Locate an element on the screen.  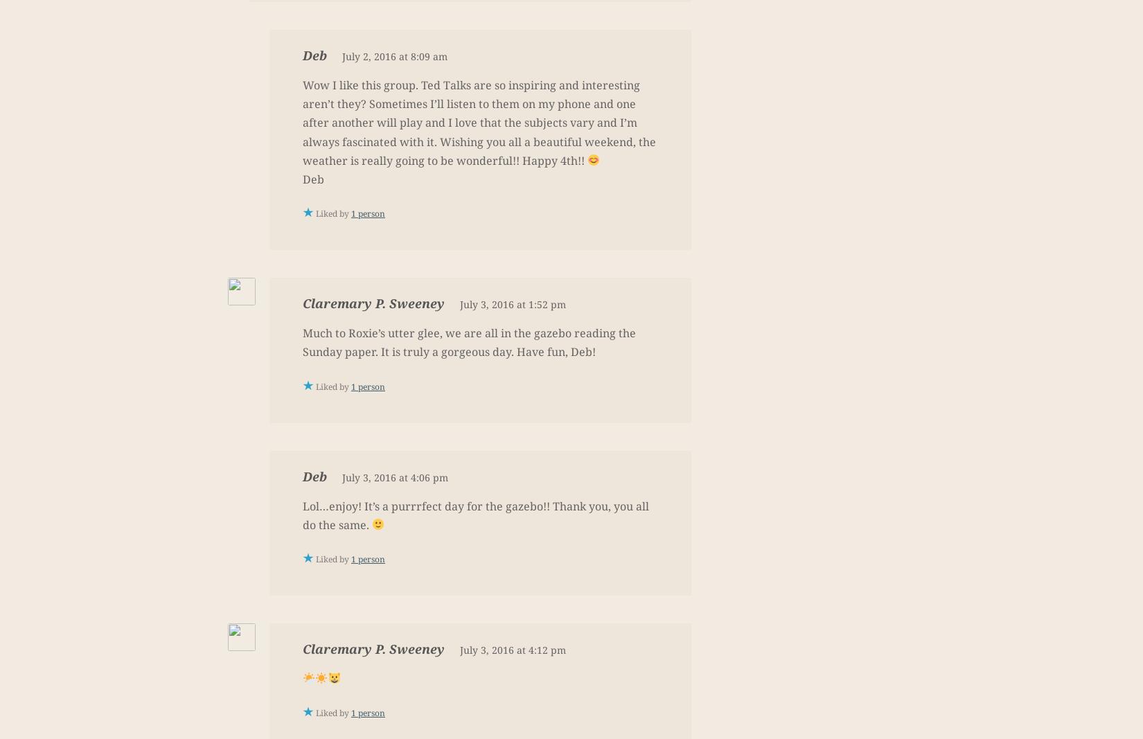
'Wow I like this group.  Ted Talks are so inspiring and interesting aren’t they?  Sometimes I’ll listen to them on my phone and one after another will play and I love that the subjects vary and I’m always fascinated with it.  Wishing you all a beautiful weekend, the weather is really going to be wonderful!!  Happy 4th!!' is located at coordinates (479, 122).